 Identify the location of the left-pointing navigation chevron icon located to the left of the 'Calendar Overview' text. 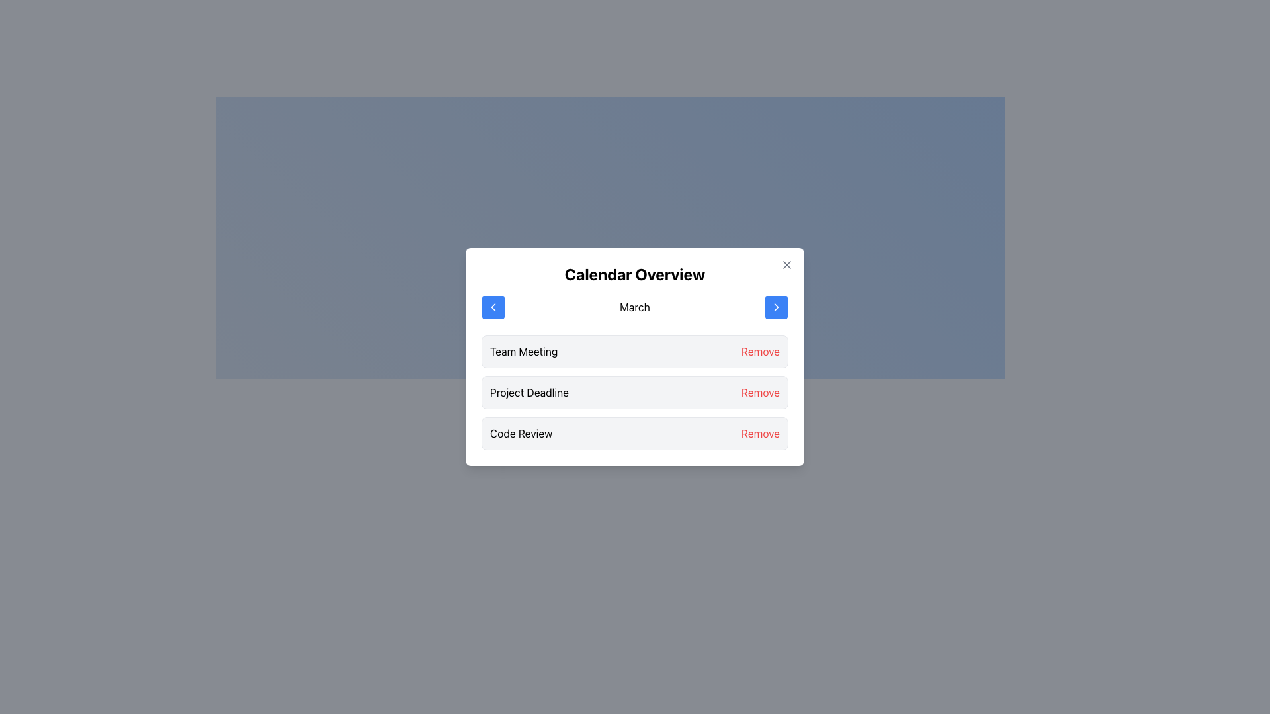
(492, 307).